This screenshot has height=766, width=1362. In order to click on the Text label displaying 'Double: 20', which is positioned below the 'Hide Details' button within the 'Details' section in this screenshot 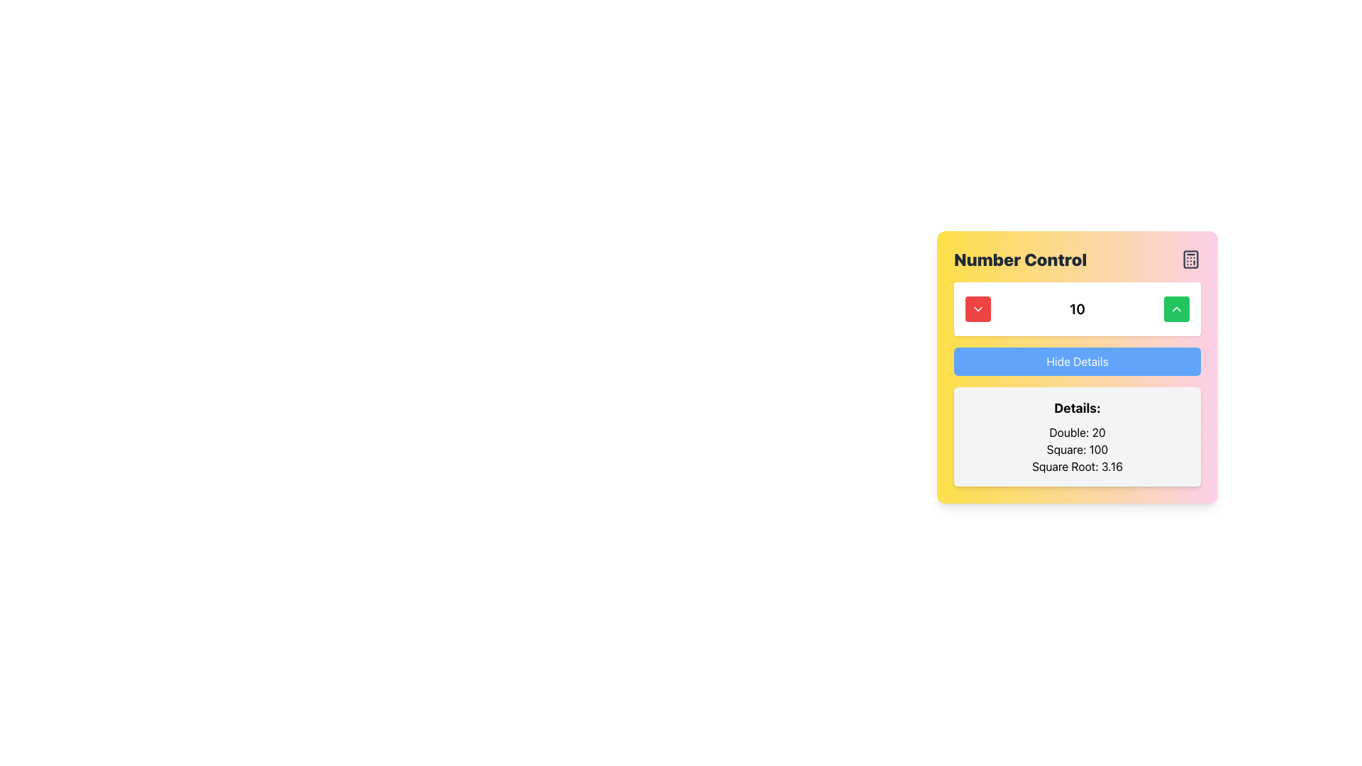, I will do `click(1077, 431)`.